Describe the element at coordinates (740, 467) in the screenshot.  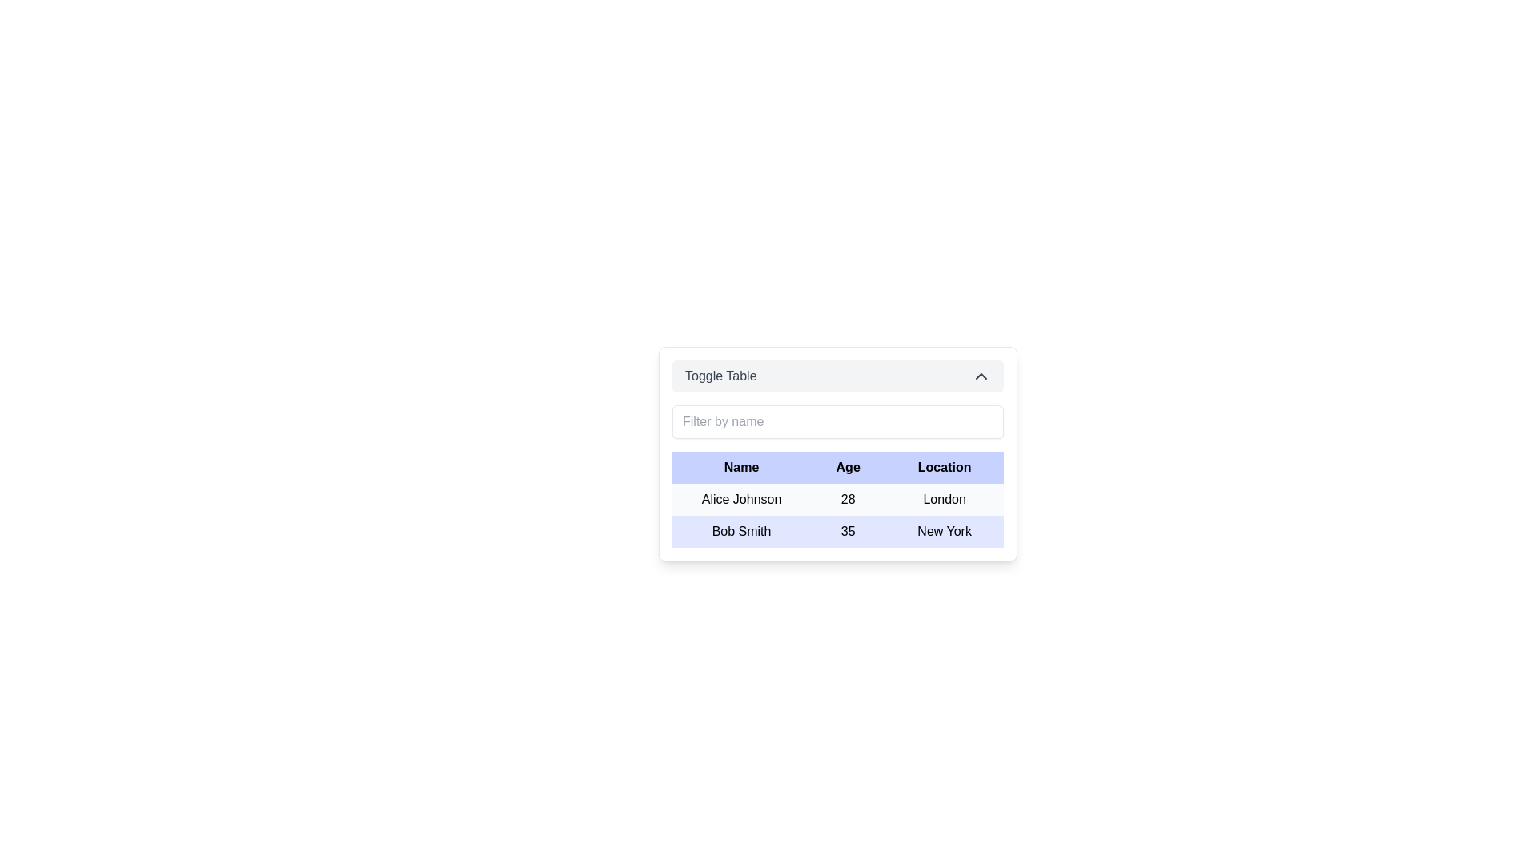
I see `the table header cell displaying 'Name' in bold font against a light blue background, which is the first column header in the row of three headers including 'Age' and 'Location'` at that location.